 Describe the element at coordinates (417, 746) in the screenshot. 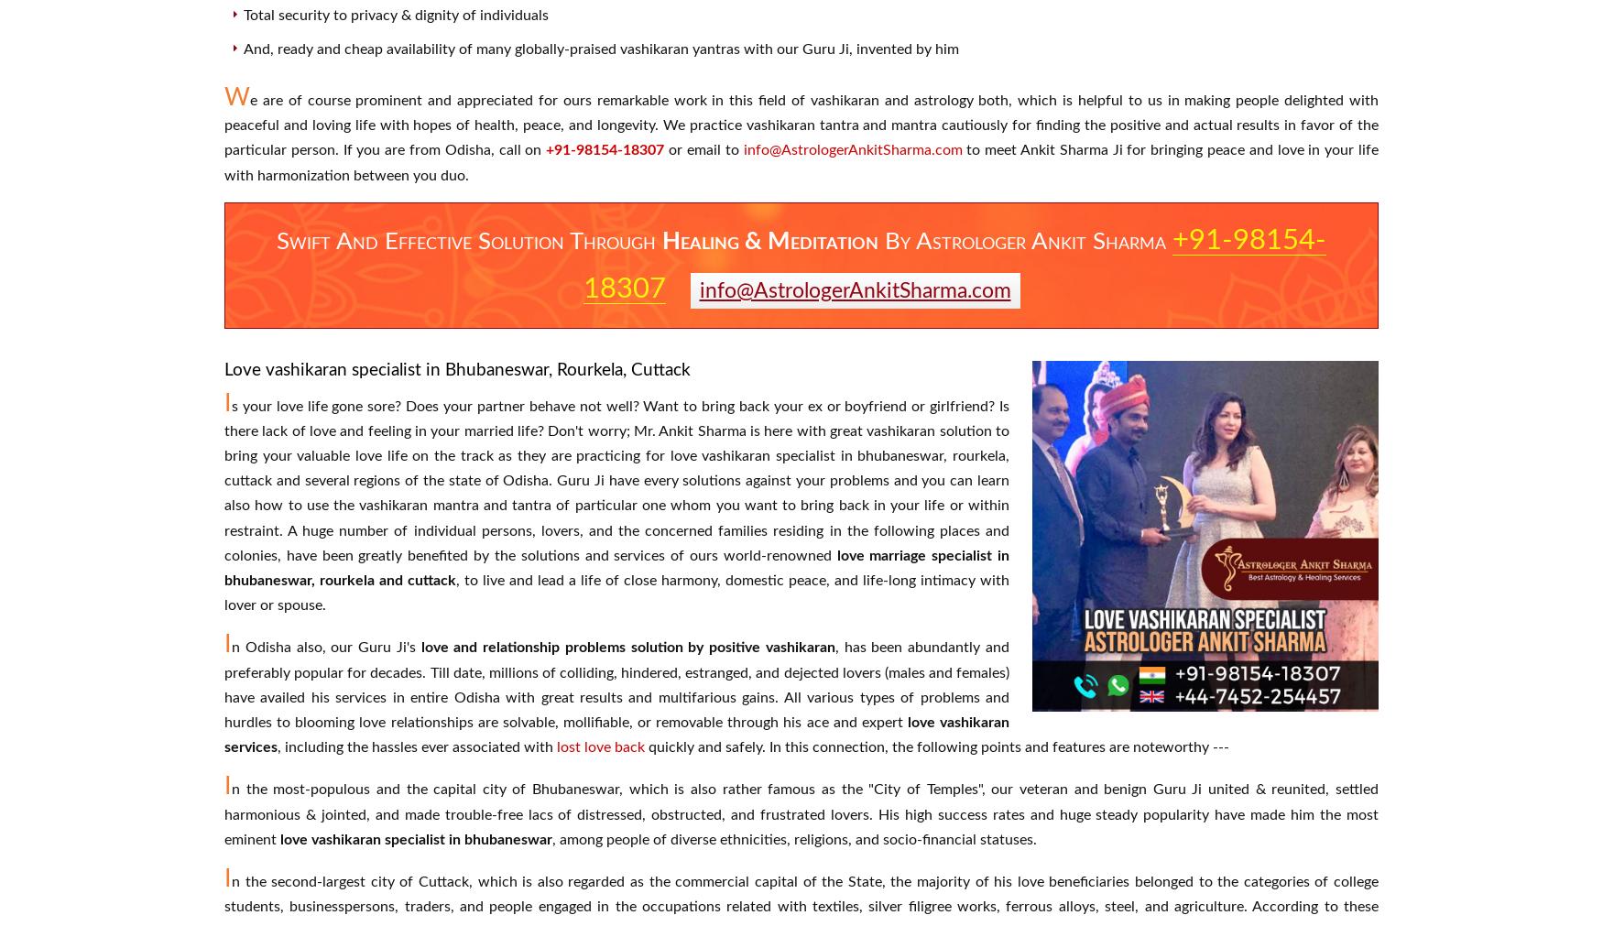

I see `', including the hassles ever associated with'` at that location.